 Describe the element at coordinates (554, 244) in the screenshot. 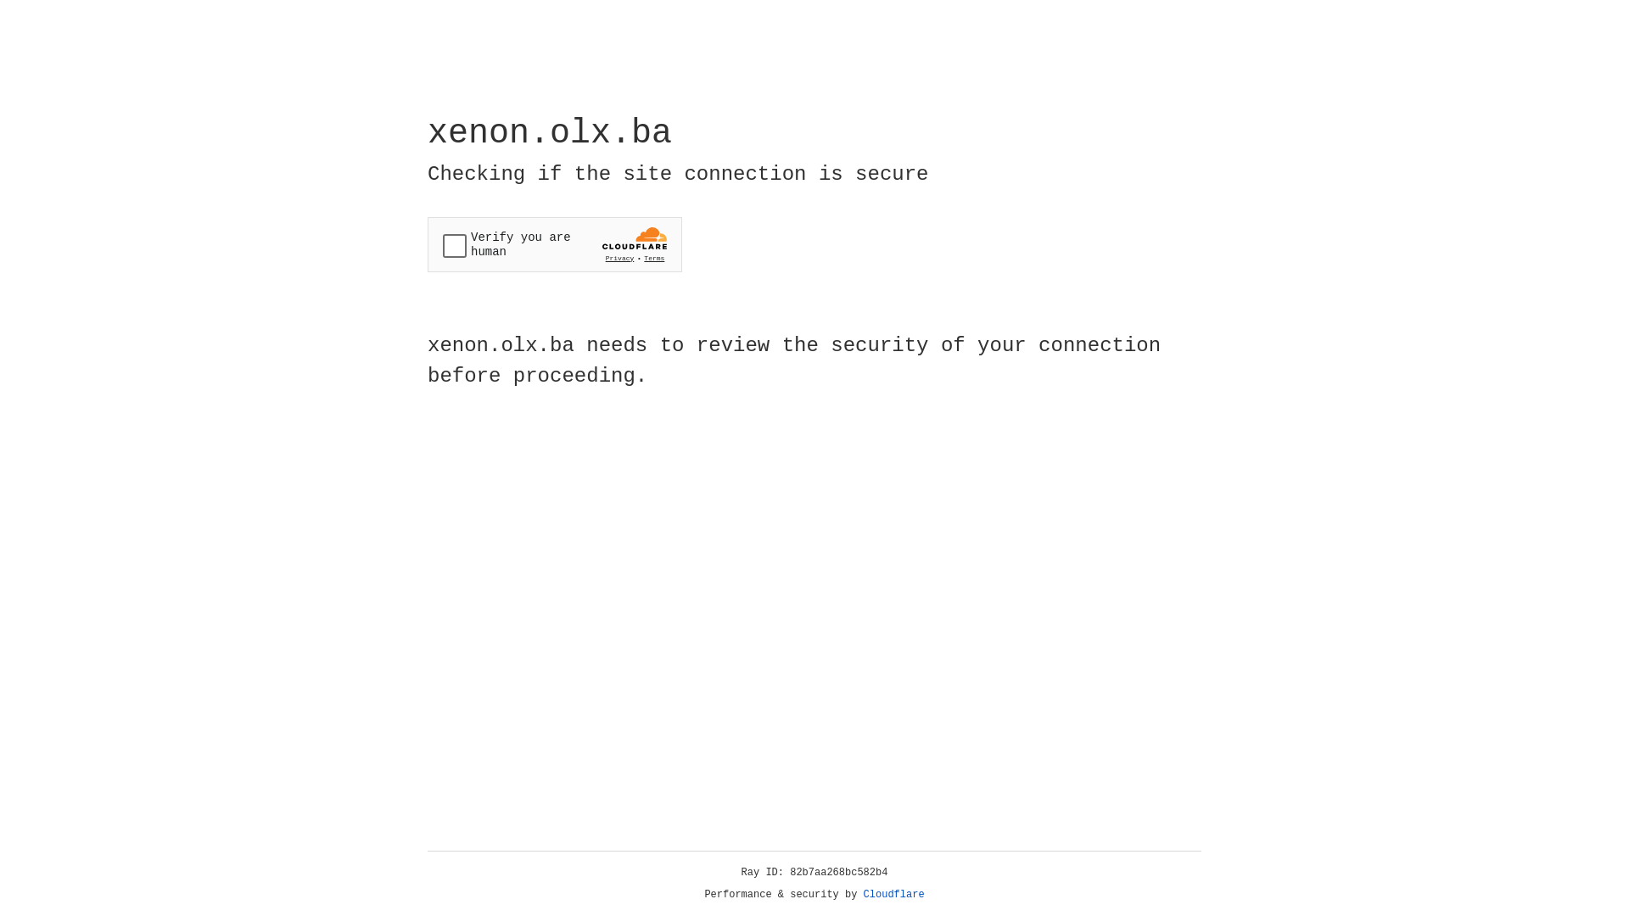

I see `'Widget containing a Cloudflare security challenge'` at that location.